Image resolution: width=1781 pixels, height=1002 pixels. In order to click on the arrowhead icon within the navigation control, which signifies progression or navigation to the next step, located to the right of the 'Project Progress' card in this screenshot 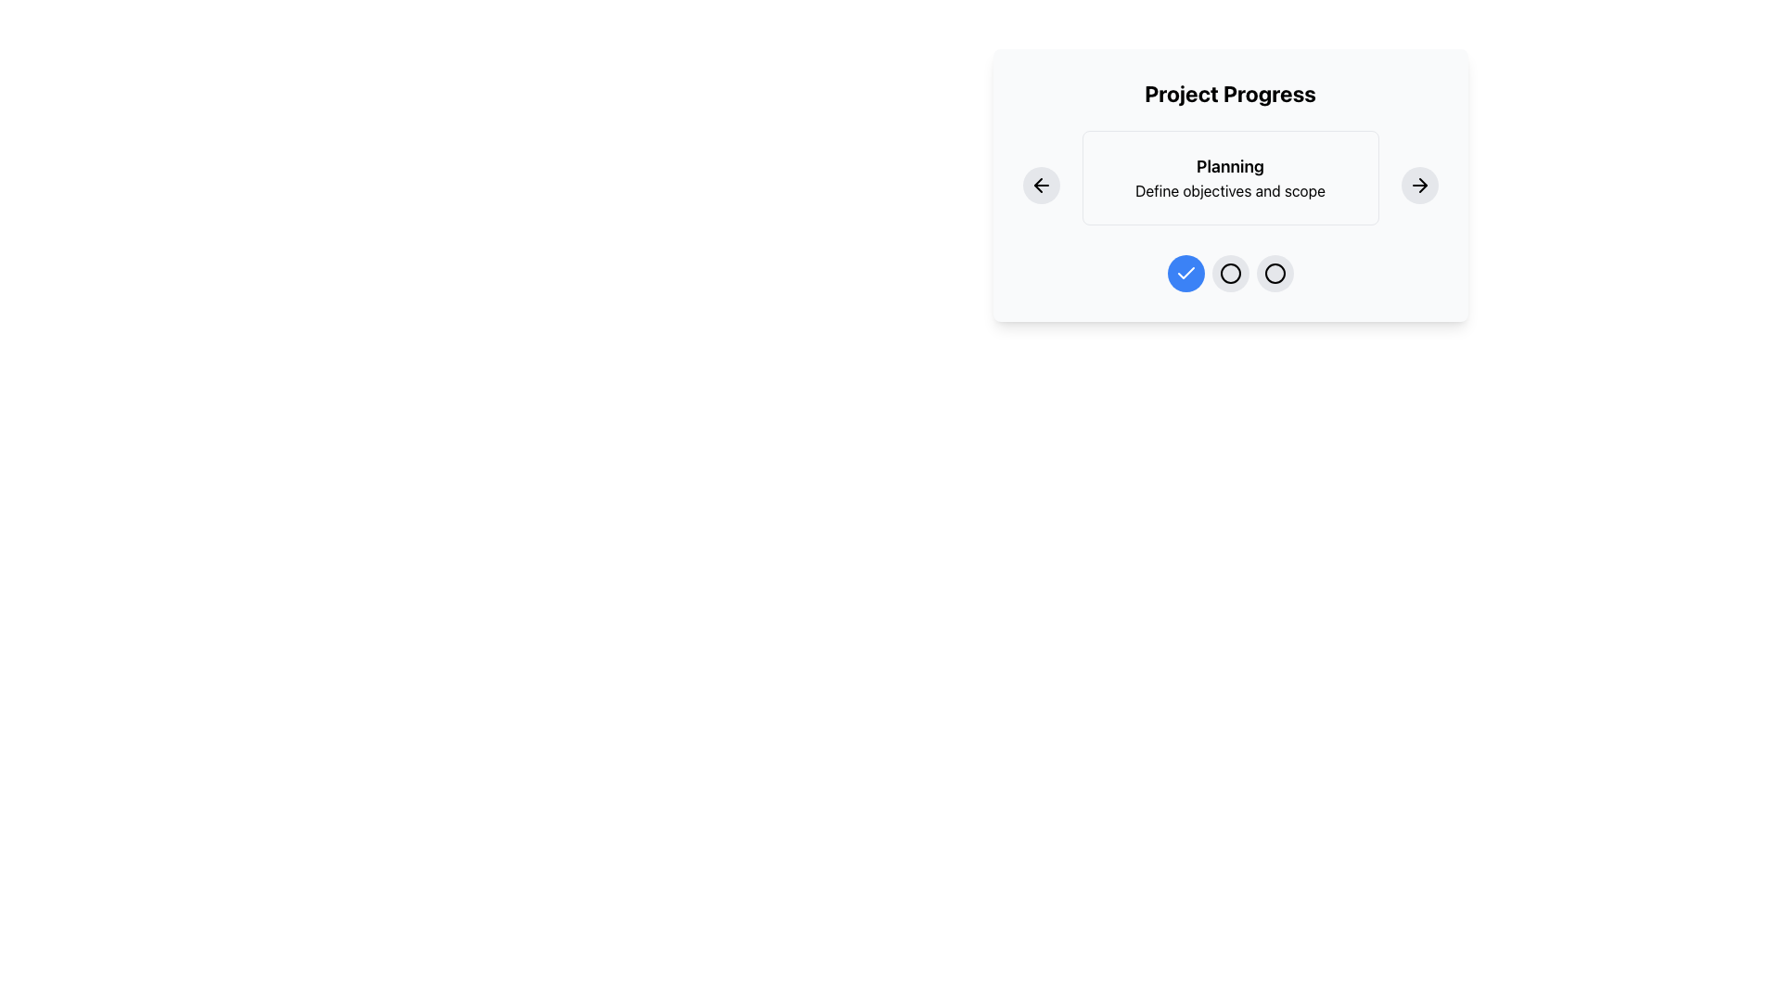, I will do `click(1422, 186)`.